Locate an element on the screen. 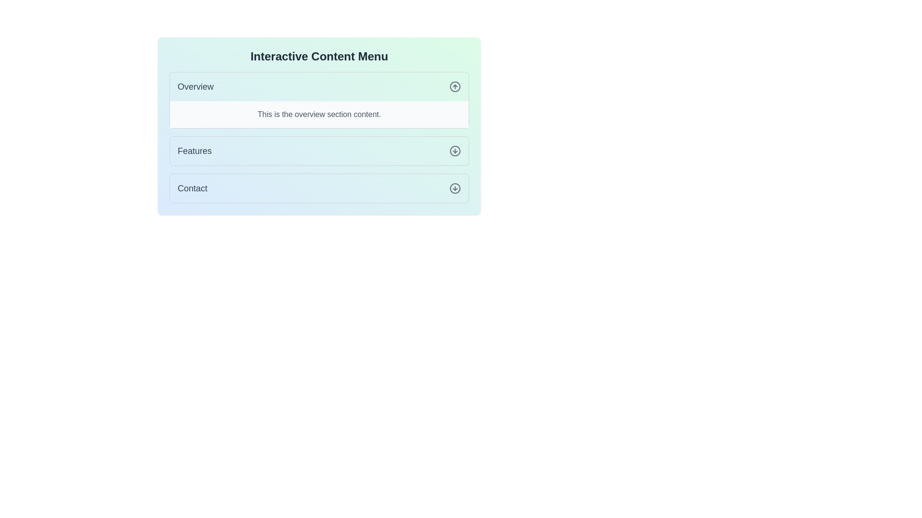 This screenshot has height=518, width=922. the 'Features' text label in the middle of the menu list for selection is located at coordinates (194, 151).